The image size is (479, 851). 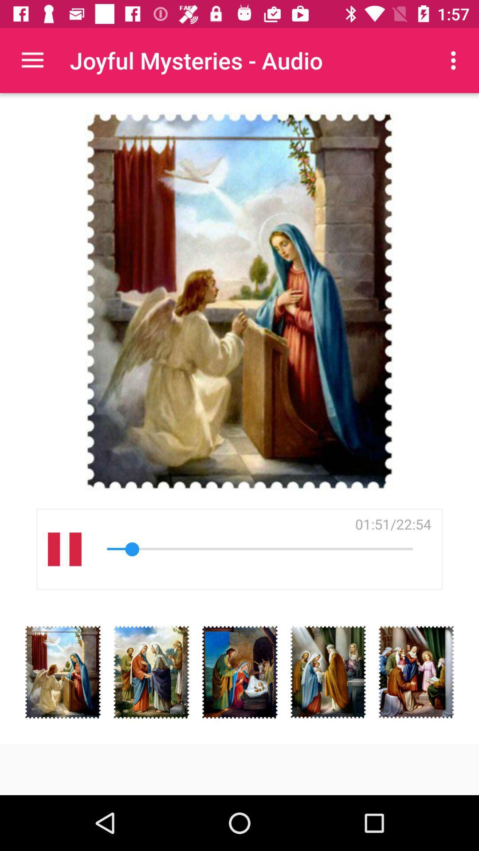 I want to click on item to the right of joyful mysteries - audio, so click(x=455, y=60).